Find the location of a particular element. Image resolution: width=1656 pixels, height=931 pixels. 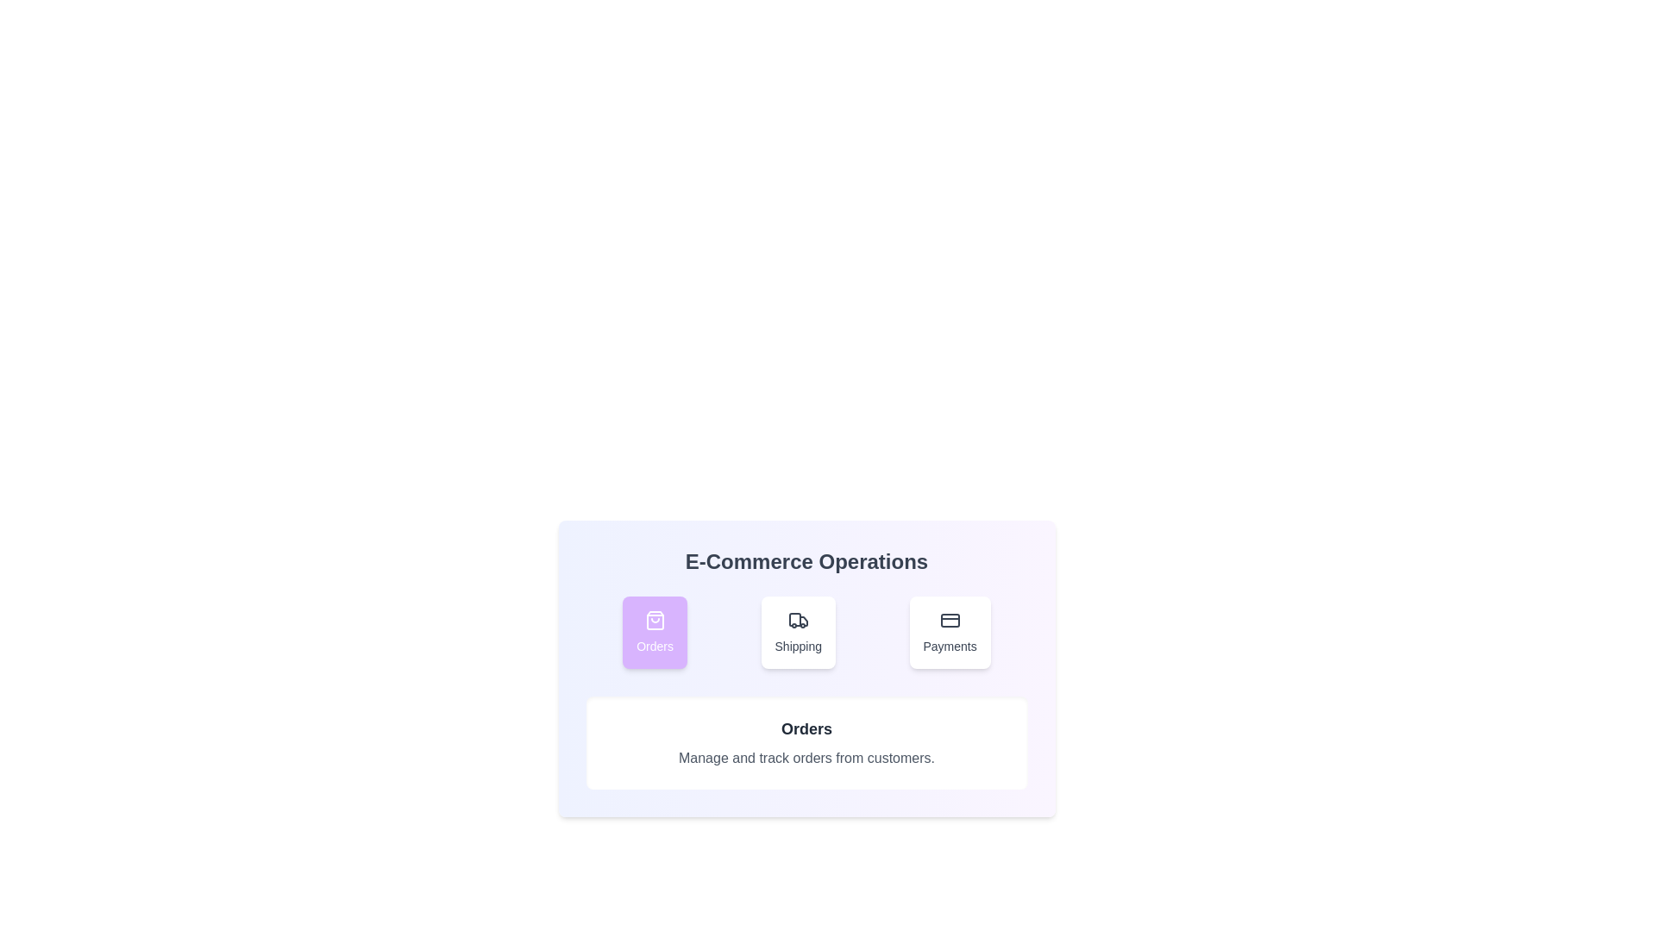

text of the label that describes the 'Orders' functionality, which is positioned immediately below a shopping bag icon in the card row is located at coordinates (654, 646).